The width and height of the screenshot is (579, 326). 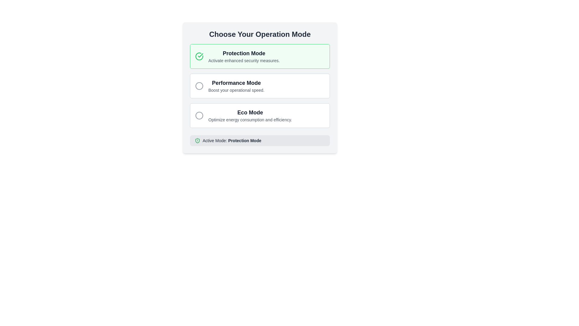 What do you see at coordinates (199, 56) in the screenshot?
I see `the circular icon with a green border and a green checkmark located to the left of the text 'Protection Mode'` at bounding box center [199, 56].